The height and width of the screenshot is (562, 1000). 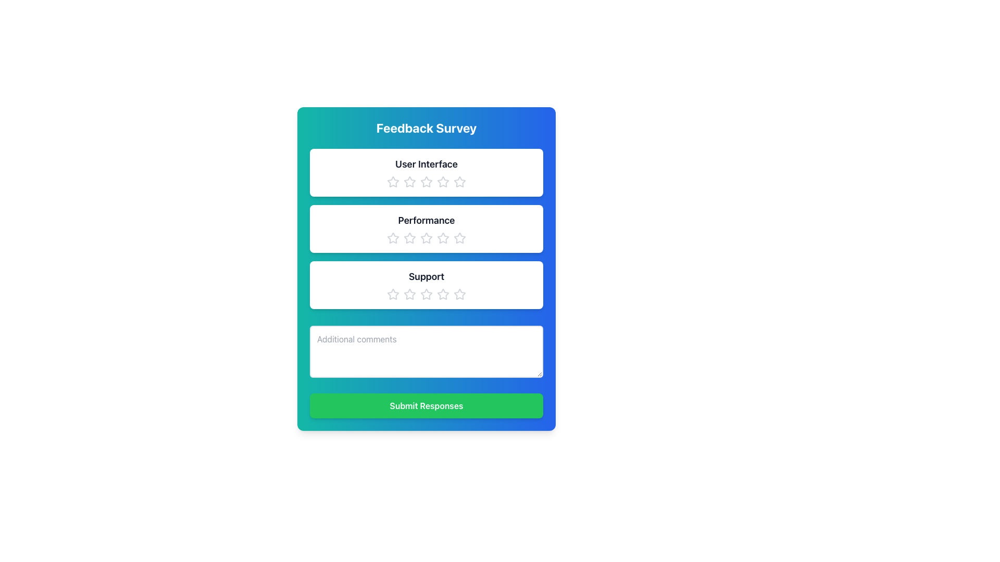 What do you see at coordinates (443, 238) in the screenshot?
I see `the third star-shaped icon in the outlined style under the 'Performance' category` at bounding box center [443, 238].